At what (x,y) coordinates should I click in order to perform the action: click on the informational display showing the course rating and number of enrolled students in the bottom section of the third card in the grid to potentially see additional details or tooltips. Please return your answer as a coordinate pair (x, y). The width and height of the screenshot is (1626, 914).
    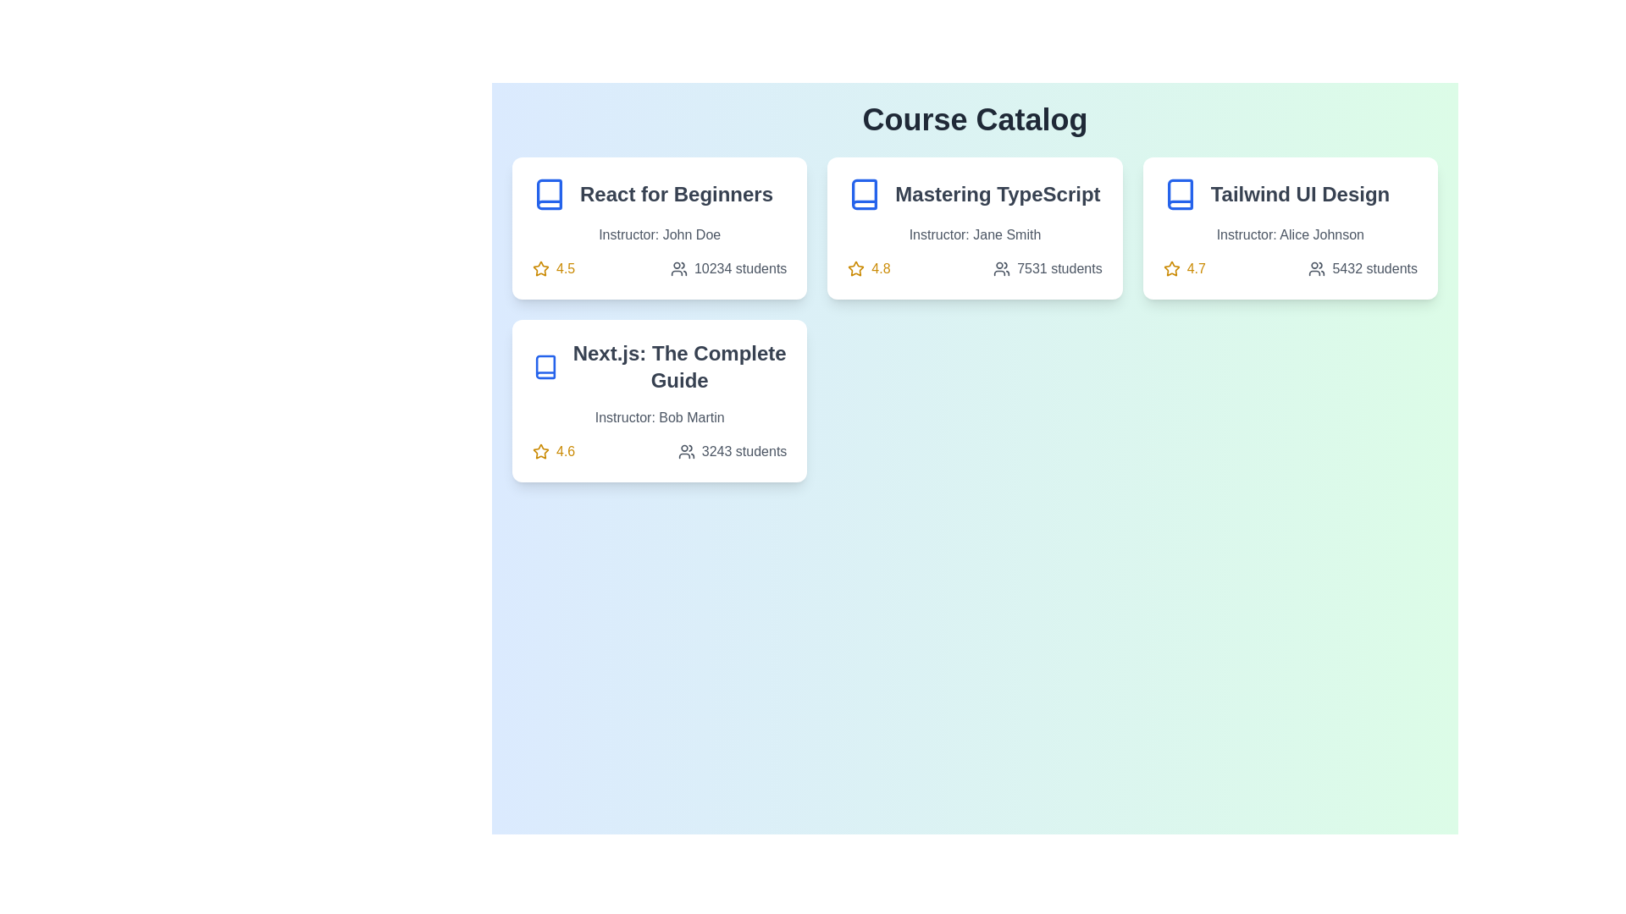
    Looking at the image, I should click on (659, 450).